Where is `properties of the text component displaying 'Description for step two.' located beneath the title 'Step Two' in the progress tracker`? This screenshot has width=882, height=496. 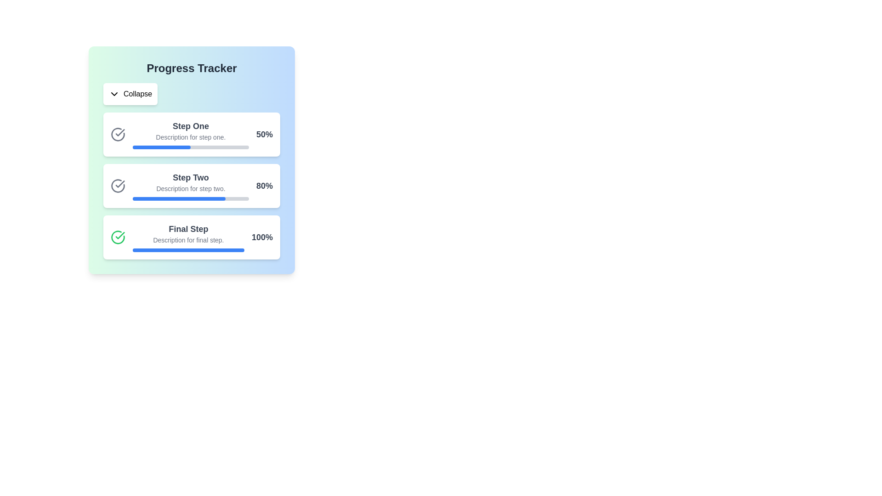 properties of the text component displaying 'Description for step two.' located beneath the title 'Step Two' in the progress tracker is located at coordinates (190, 188).